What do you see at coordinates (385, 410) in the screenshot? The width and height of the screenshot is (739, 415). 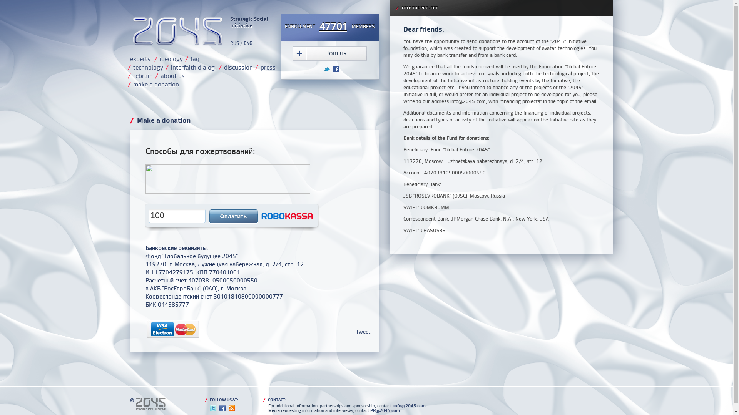 I see `'PR@2045.com'` at bounding box center [385, 410].